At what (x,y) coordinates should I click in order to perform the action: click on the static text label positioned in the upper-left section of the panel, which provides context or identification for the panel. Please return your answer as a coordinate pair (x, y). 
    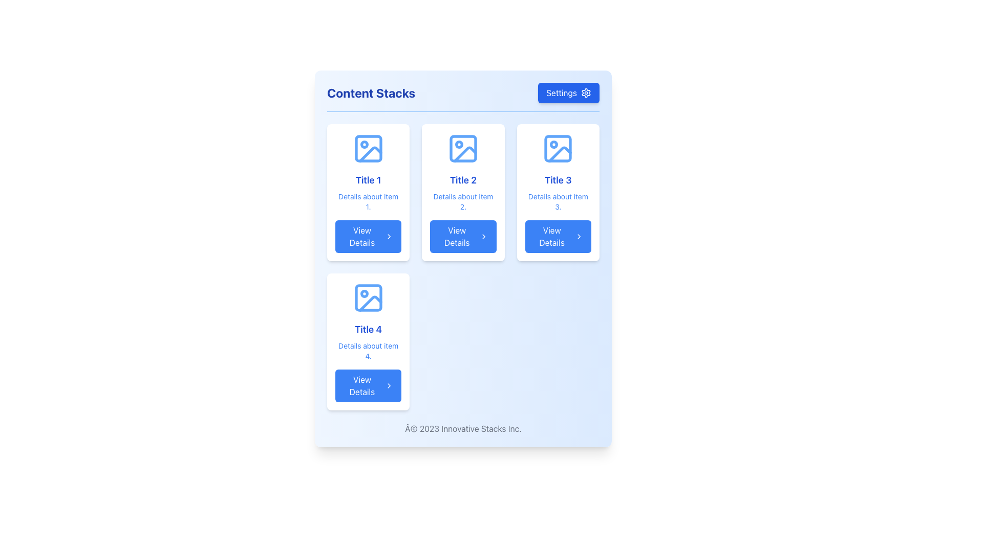
    Looking at the image, I should click on (371, 93).